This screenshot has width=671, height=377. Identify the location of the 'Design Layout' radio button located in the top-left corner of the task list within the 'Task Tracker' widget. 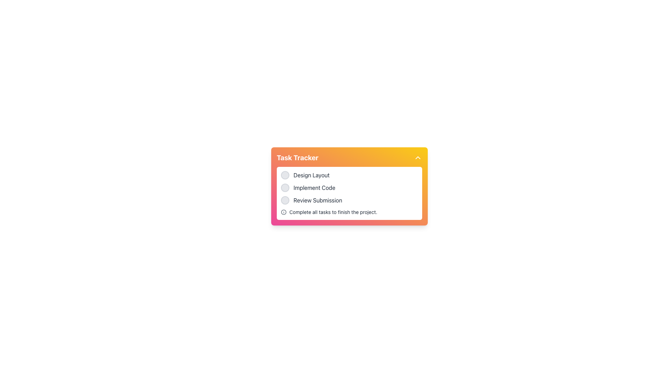
(285, 175).